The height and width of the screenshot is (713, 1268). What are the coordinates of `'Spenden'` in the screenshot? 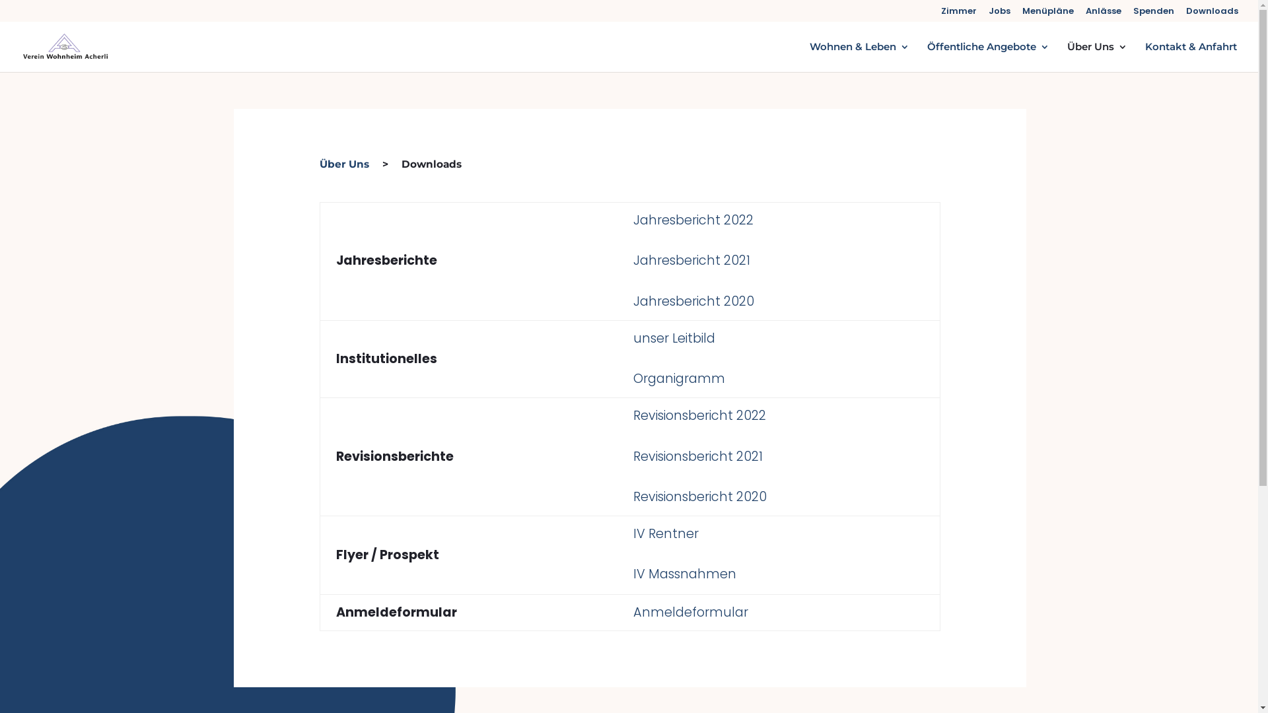 It's located at (1153, 14).